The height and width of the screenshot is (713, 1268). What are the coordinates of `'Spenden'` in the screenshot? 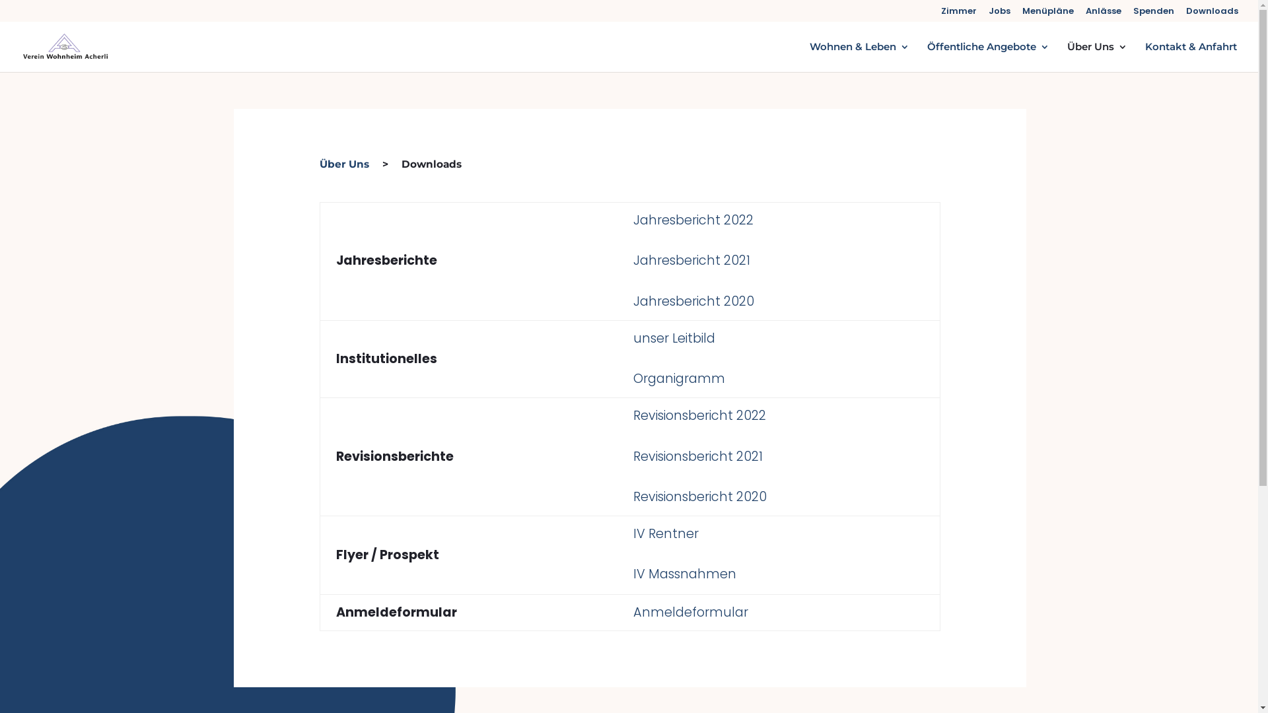 It's located at (1153, 14).